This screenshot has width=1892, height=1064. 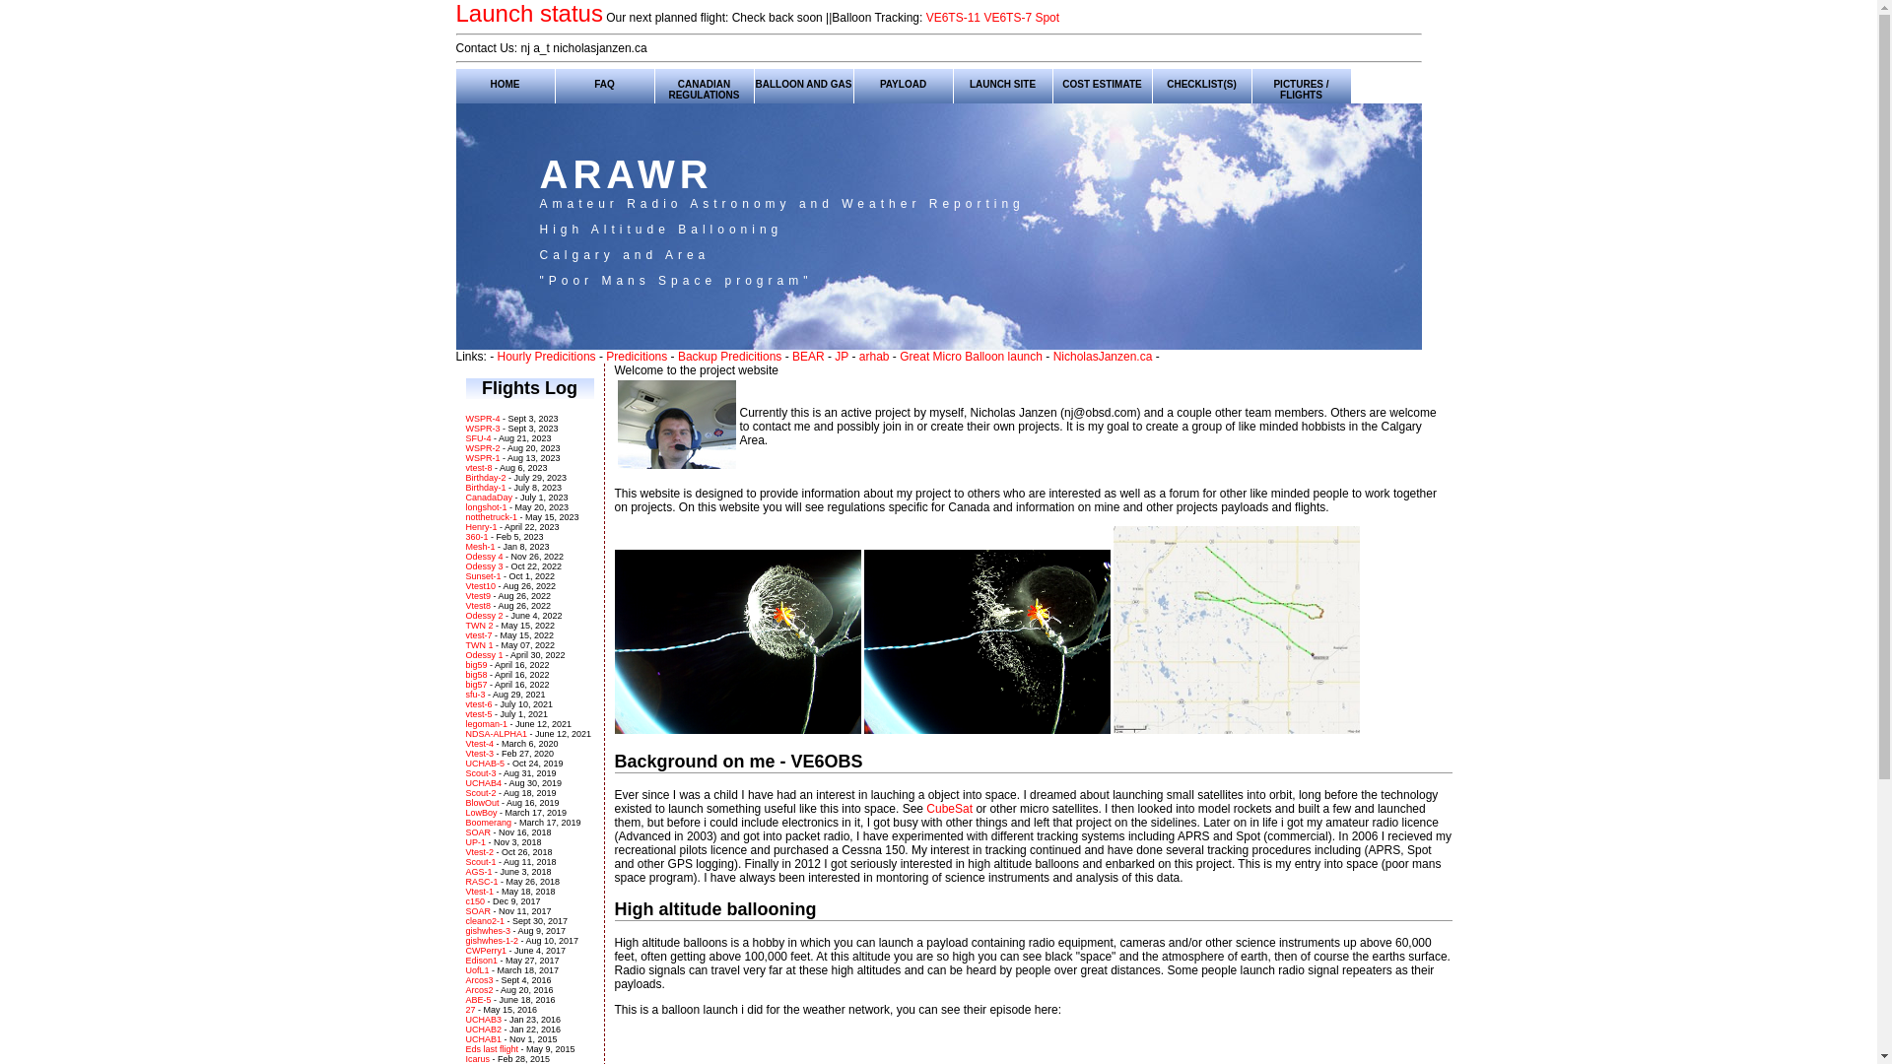 What do you see at coordinates (482, 576) in the screenshot?
I see `'Sunset-1'` at bounding box center [482, 576].